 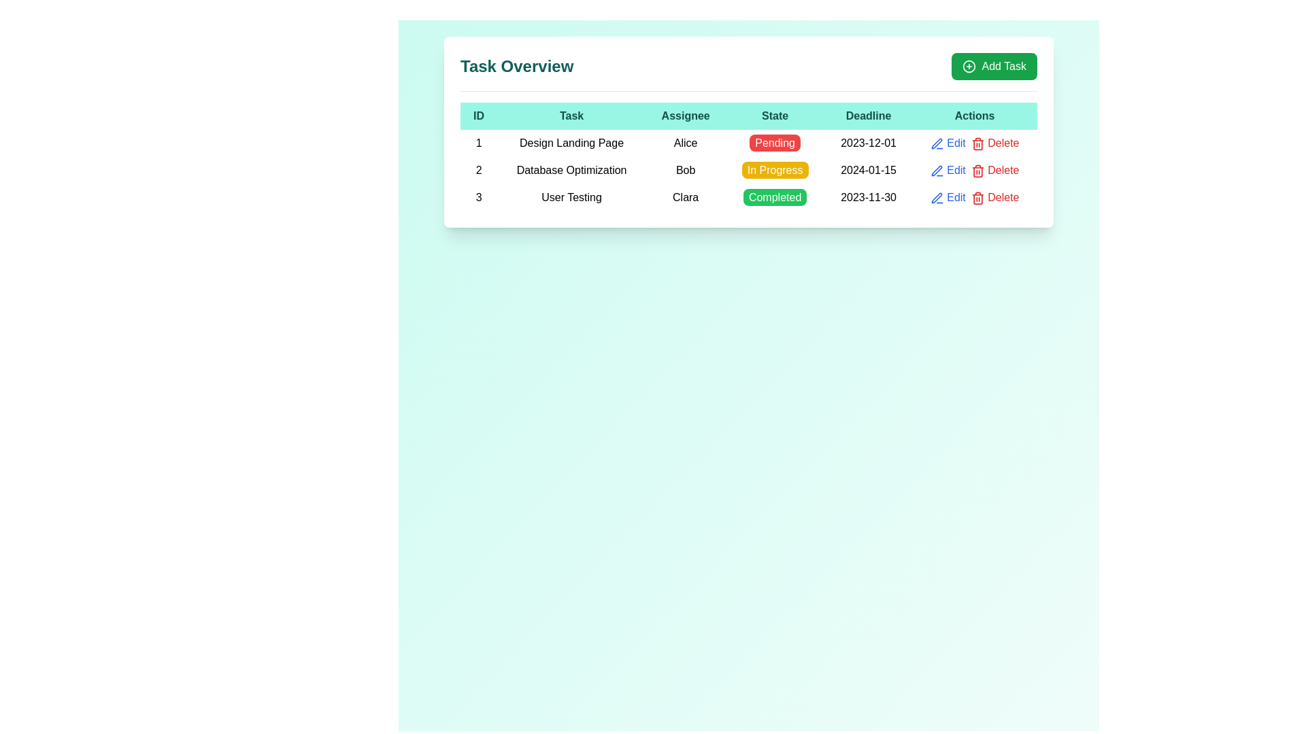 What do you see at coordinates (969, 66) in the screenshot?
I see `the circular icon with a plus sign in its center, which is styled with a green outline and located to the left of the 'Add Task' text within a green button at the top-right corner of the interface` at bounding box center [969, 66].